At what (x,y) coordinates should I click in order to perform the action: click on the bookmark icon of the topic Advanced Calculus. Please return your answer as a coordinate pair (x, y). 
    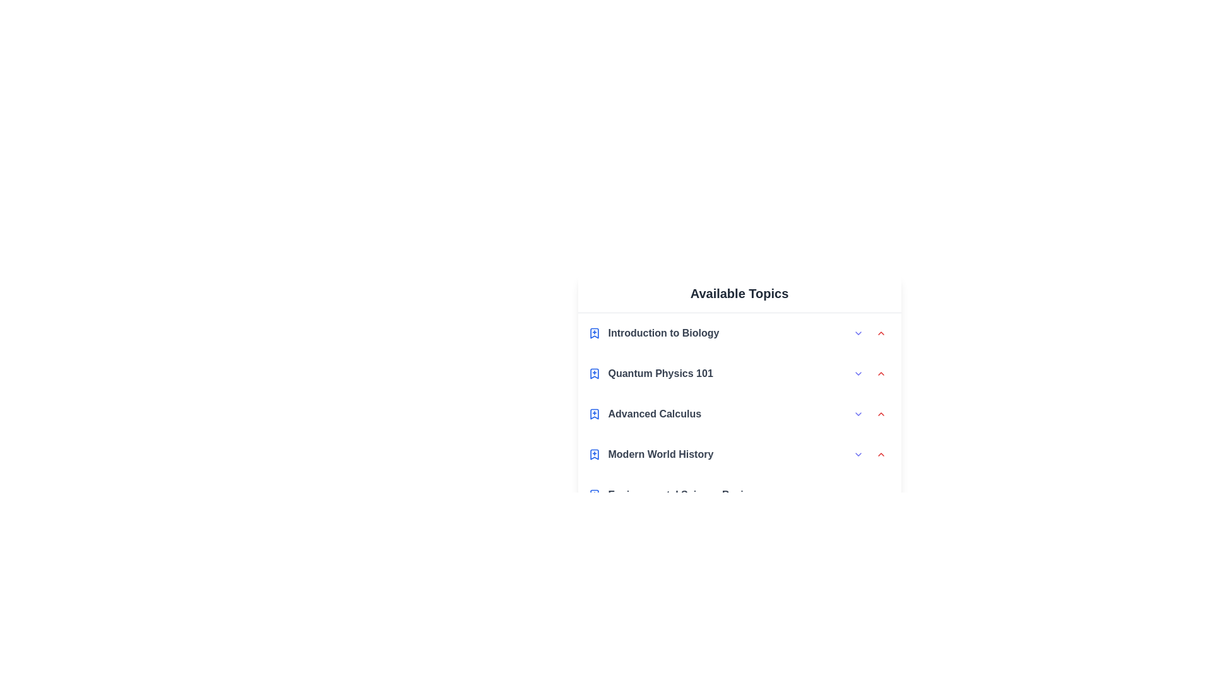
    Looking at the image, I should click on (593, 414).